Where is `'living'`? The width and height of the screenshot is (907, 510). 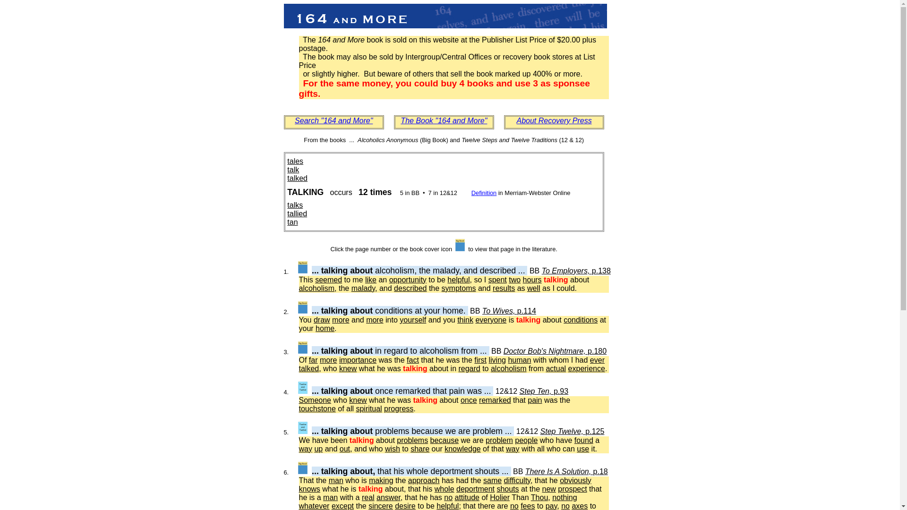
'living' is located at coordinates (496, 360).